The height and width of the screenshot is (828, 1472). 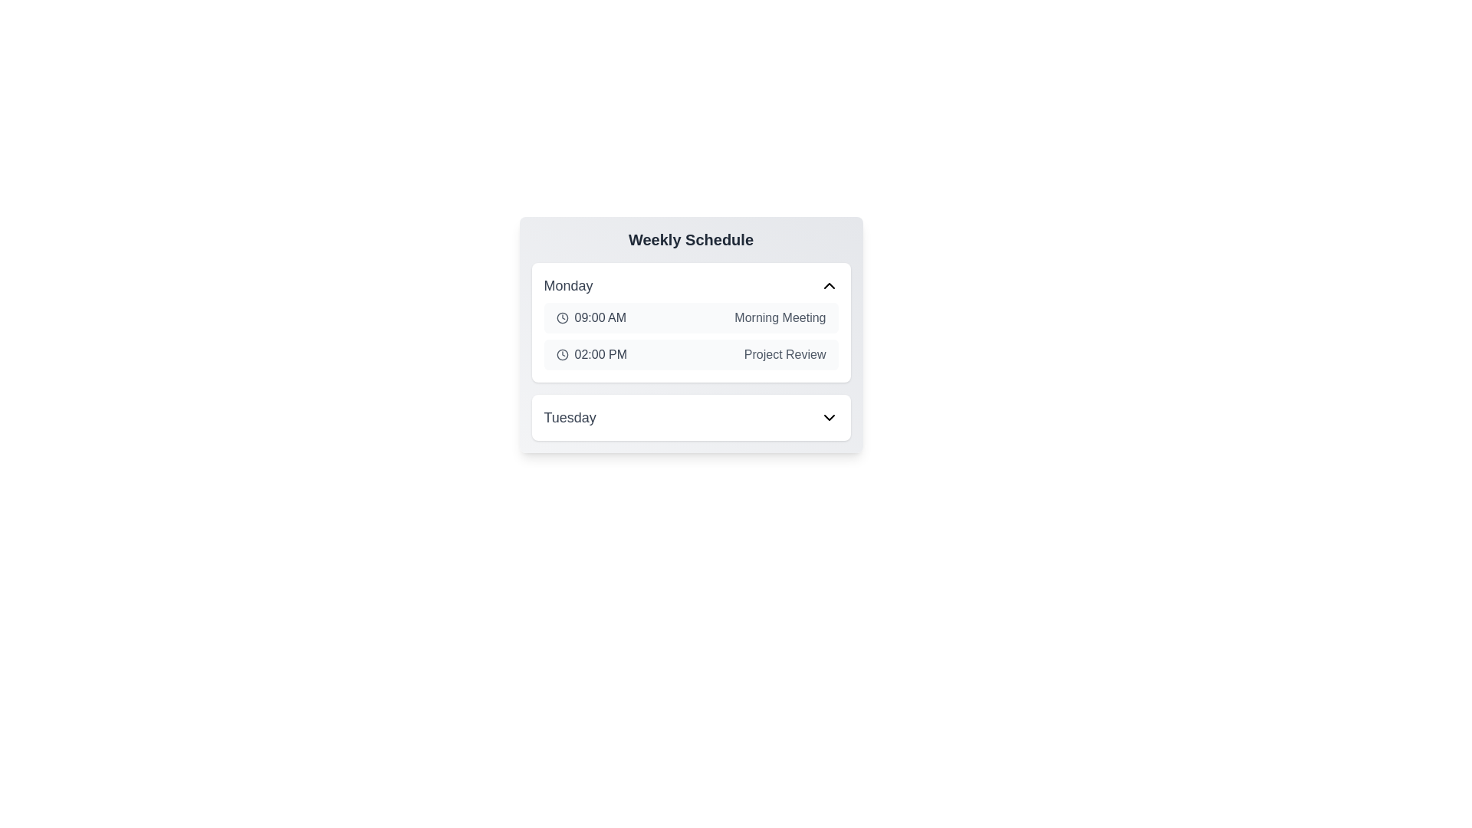 I want to click on the dropdown menu located below the 'Monday' section to navigate through the days of the week, so click(x=690, y=417).